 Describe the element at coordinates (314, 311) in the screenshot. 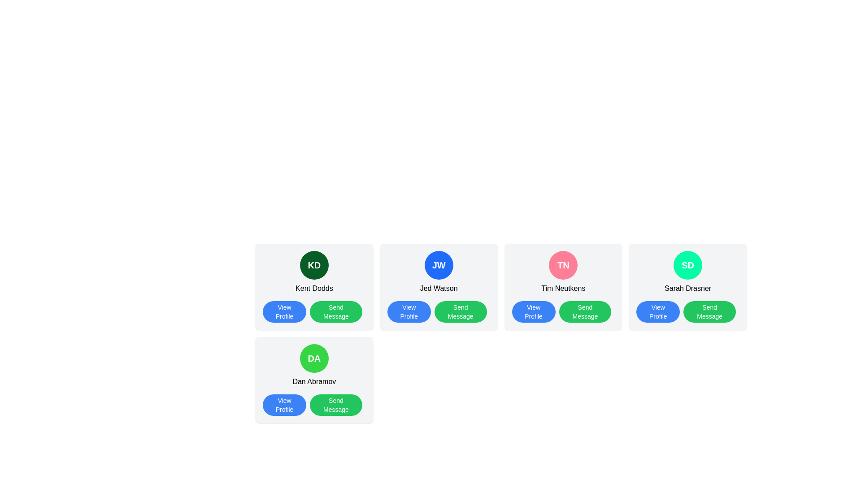

I see `either the 'View Profile' or 'Send Message' button within the user card for 'Kent Dodds'` at that location.